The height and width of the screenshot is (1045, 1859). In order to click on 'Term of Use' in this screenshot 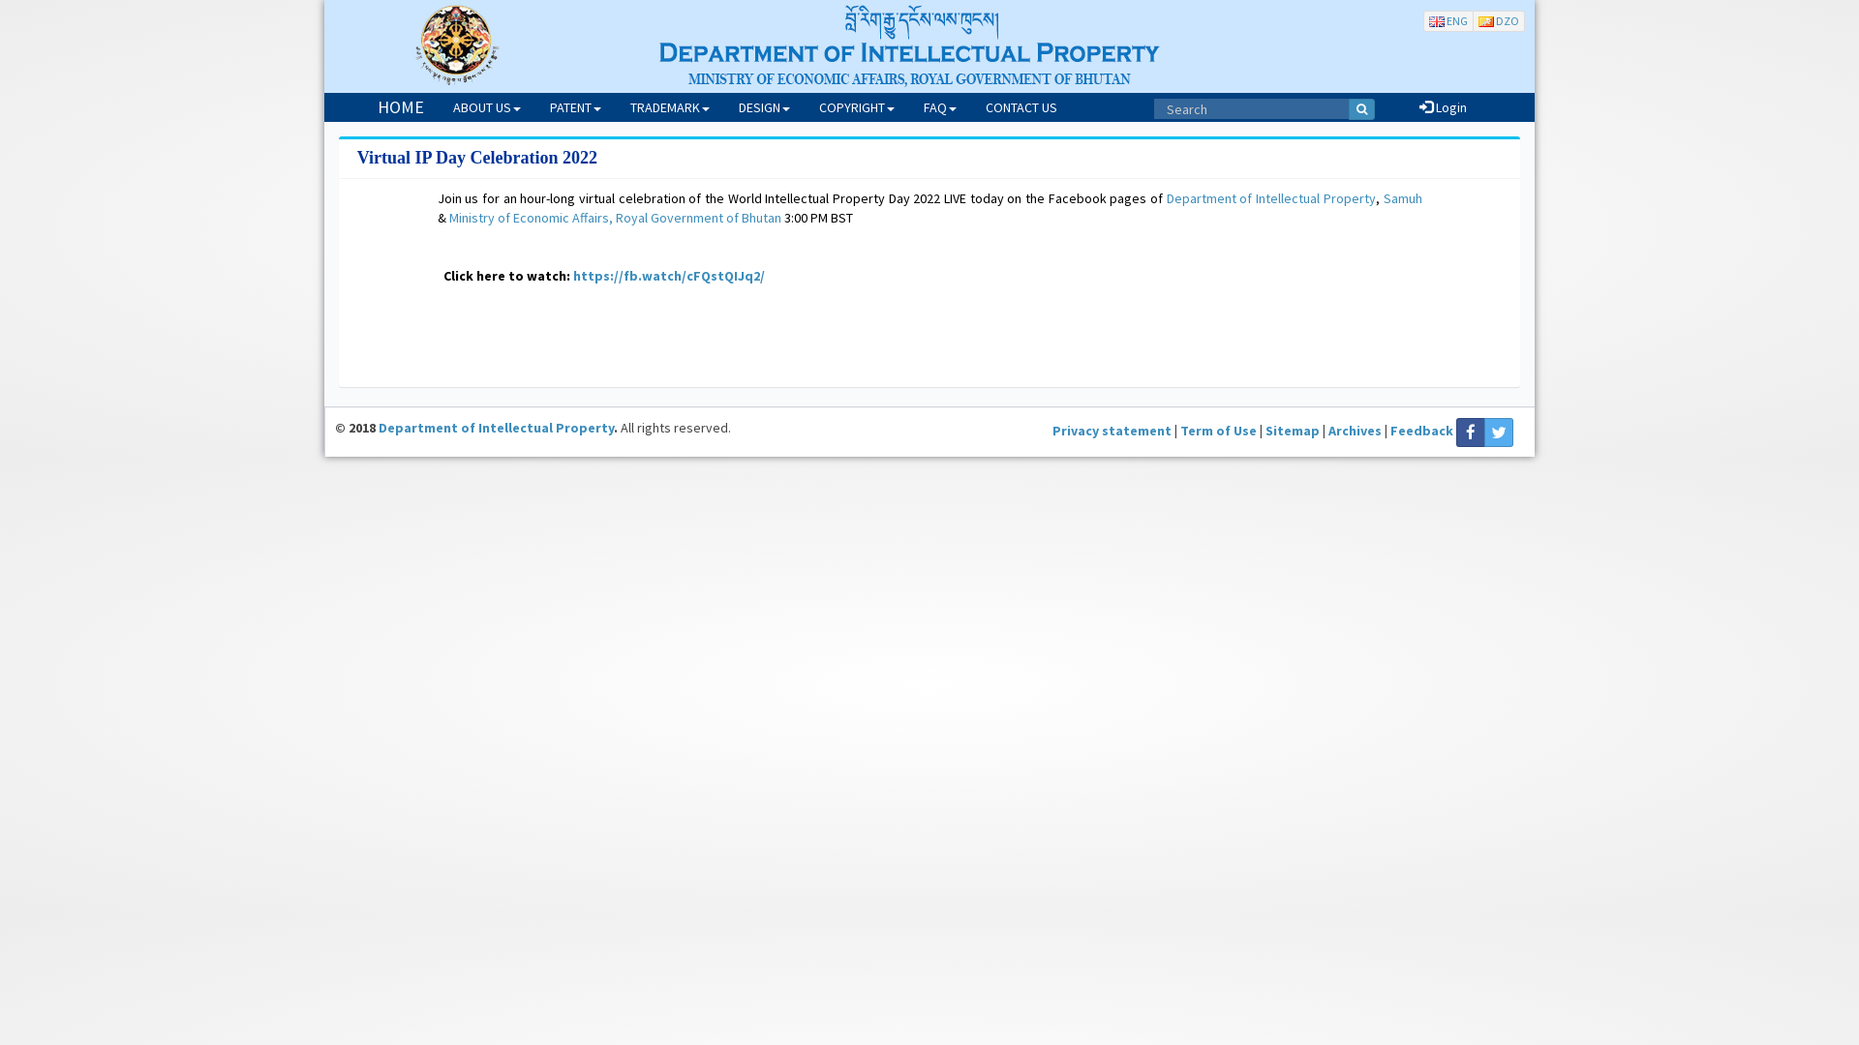, I will do `click(1217, 429)`.